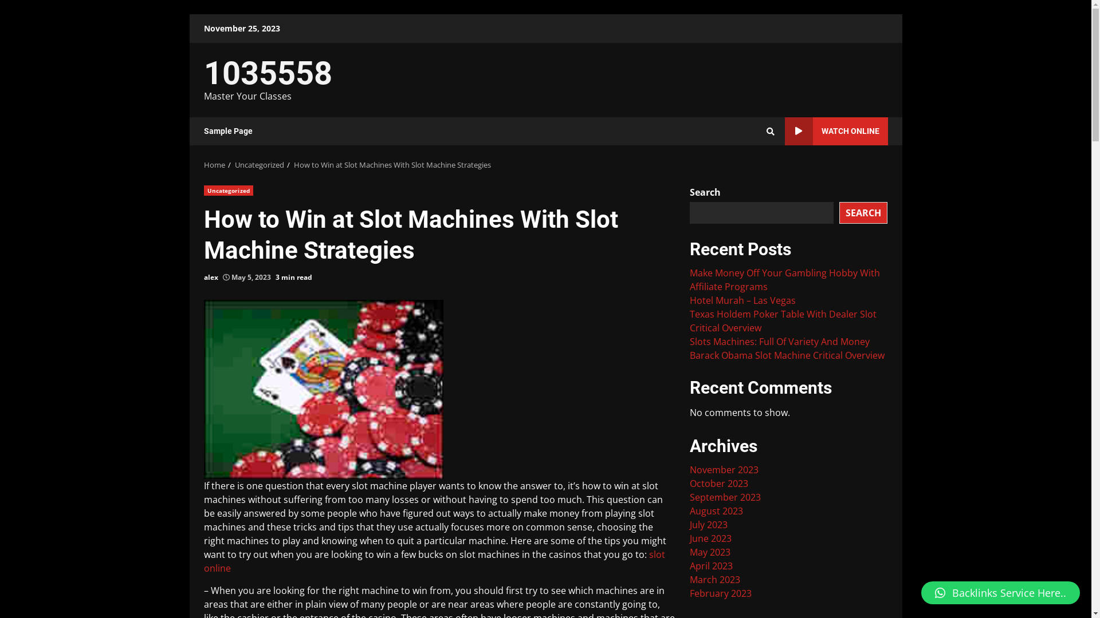 The height and width of the screenshot is (618, 1100). What do you see at coordinates (723, 470) in the screenshot?
I see `'November 2023'` at bounding box center [723, 470].